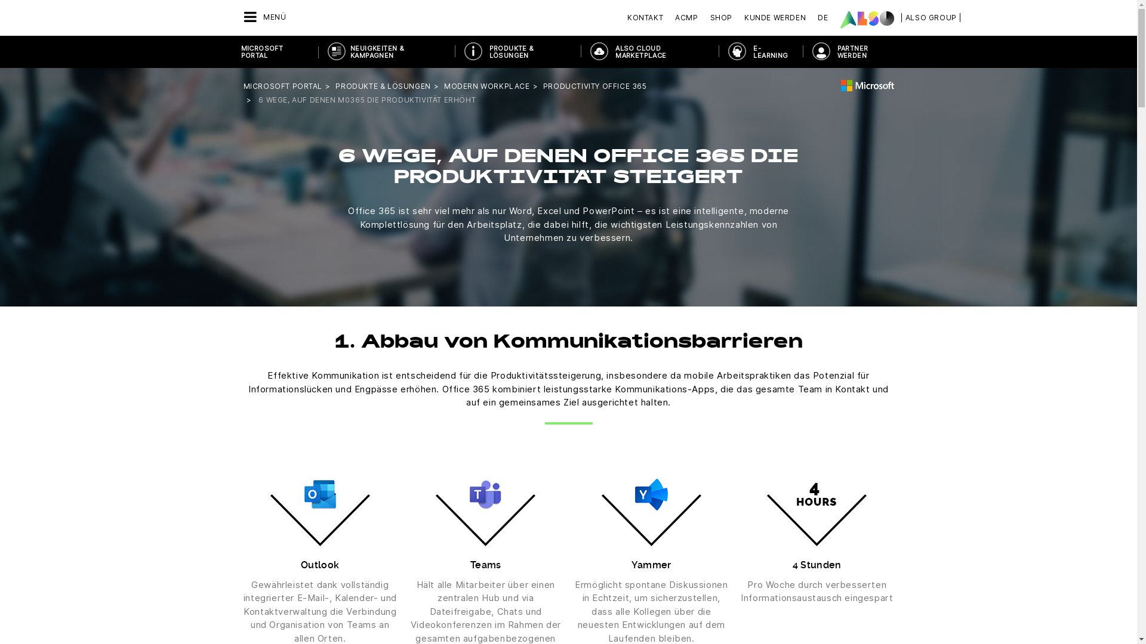 This screenshot has height=644, width=1146. I want to click on 'SHOP', so click(720, 18).